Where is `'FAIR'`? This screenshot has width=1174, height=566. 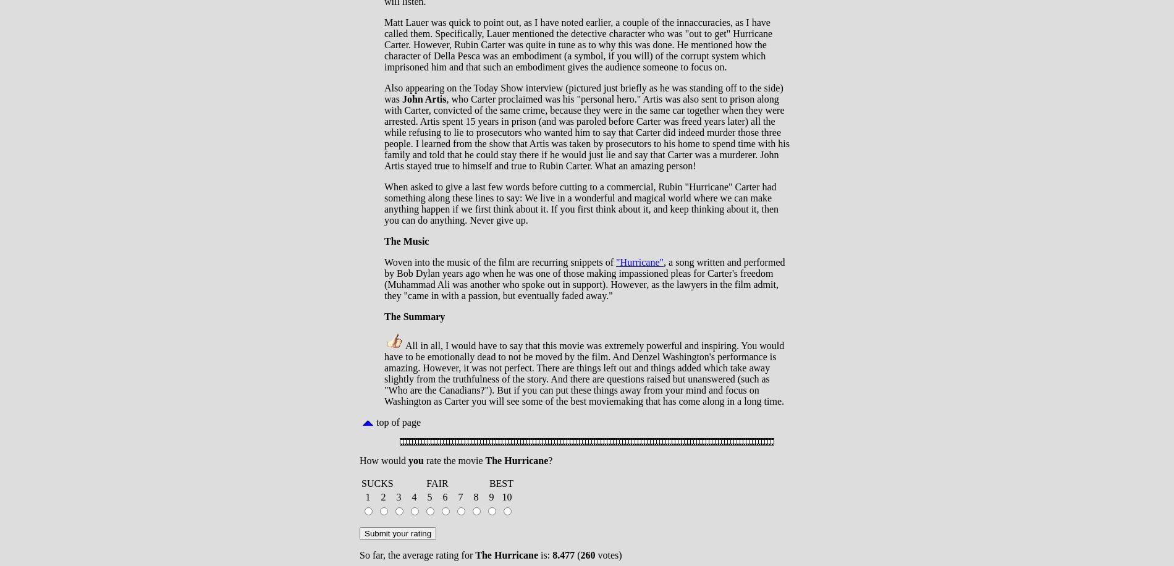 'FAIR' is located at coordinates (426, 483).